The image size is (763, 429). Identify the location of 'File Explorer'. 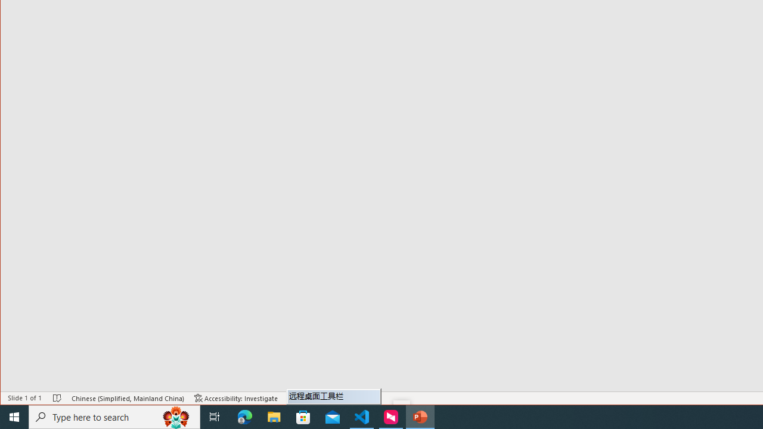
(274, 416).